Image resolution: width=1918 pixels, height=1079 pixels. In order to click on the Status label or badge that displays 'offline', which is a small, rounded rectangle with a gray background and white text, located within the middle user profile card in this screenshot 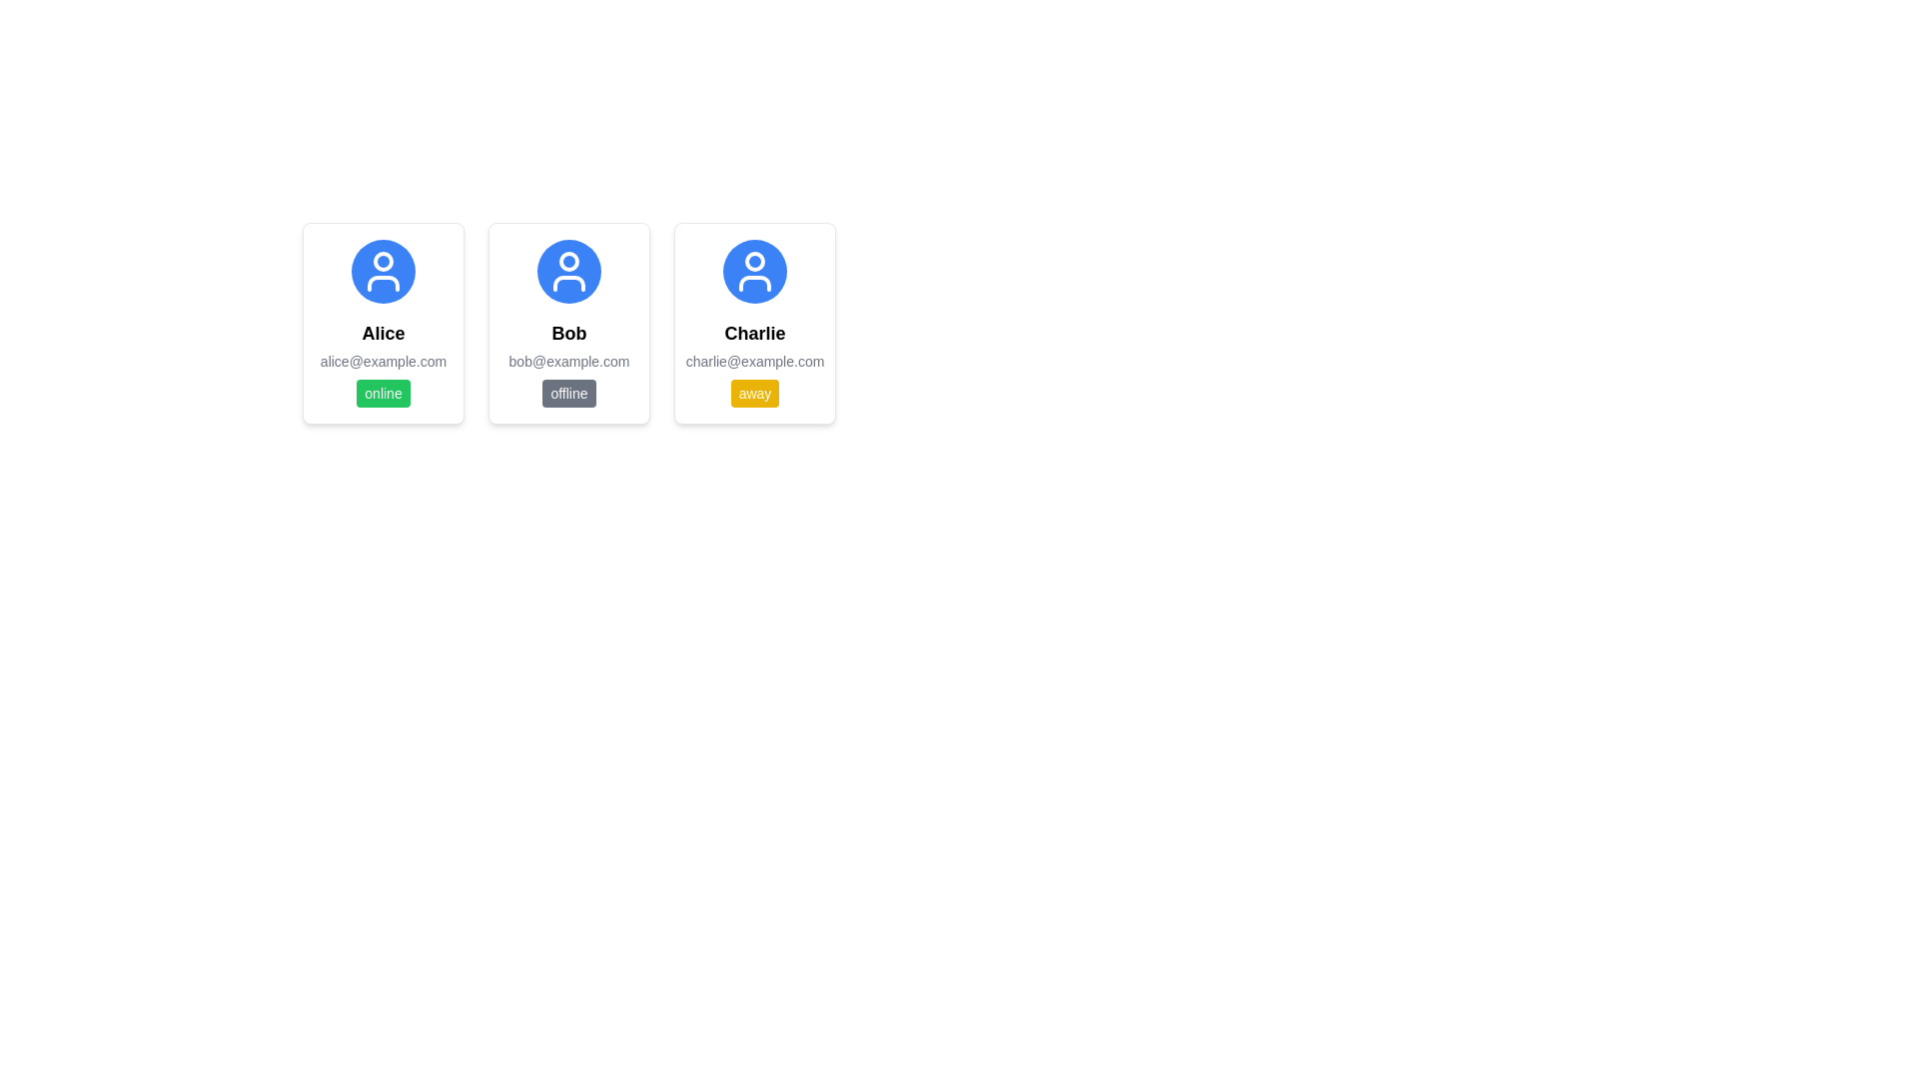, I will do `click(568, 393)`.